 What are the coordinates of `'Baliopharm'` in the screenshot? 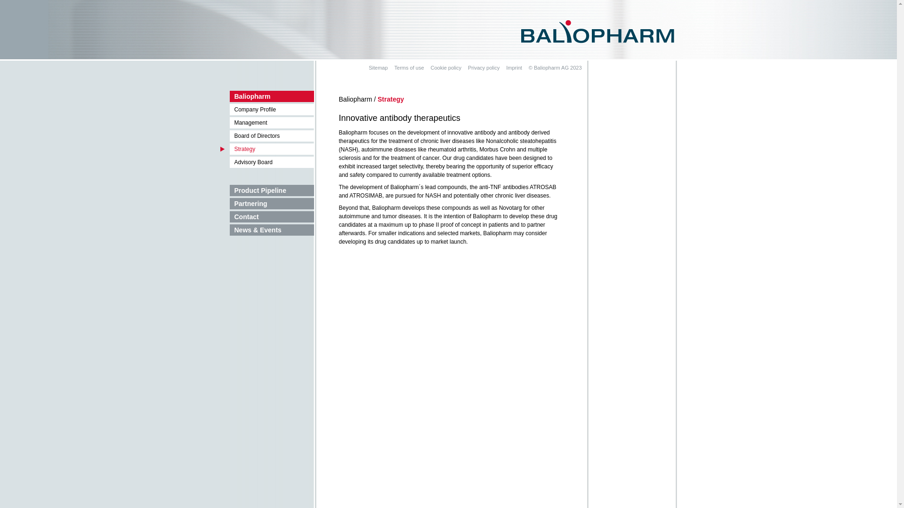 It's located at (266, 96).